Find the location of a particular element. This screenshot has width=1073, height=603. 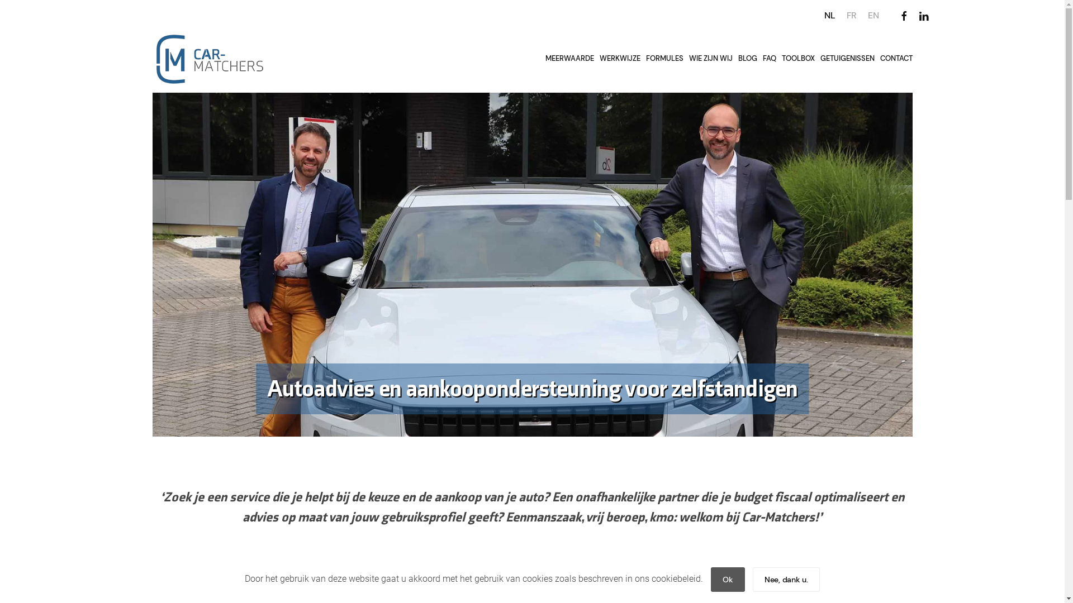

'GETUIGENISSEN' is located at coordinates (847, 59).